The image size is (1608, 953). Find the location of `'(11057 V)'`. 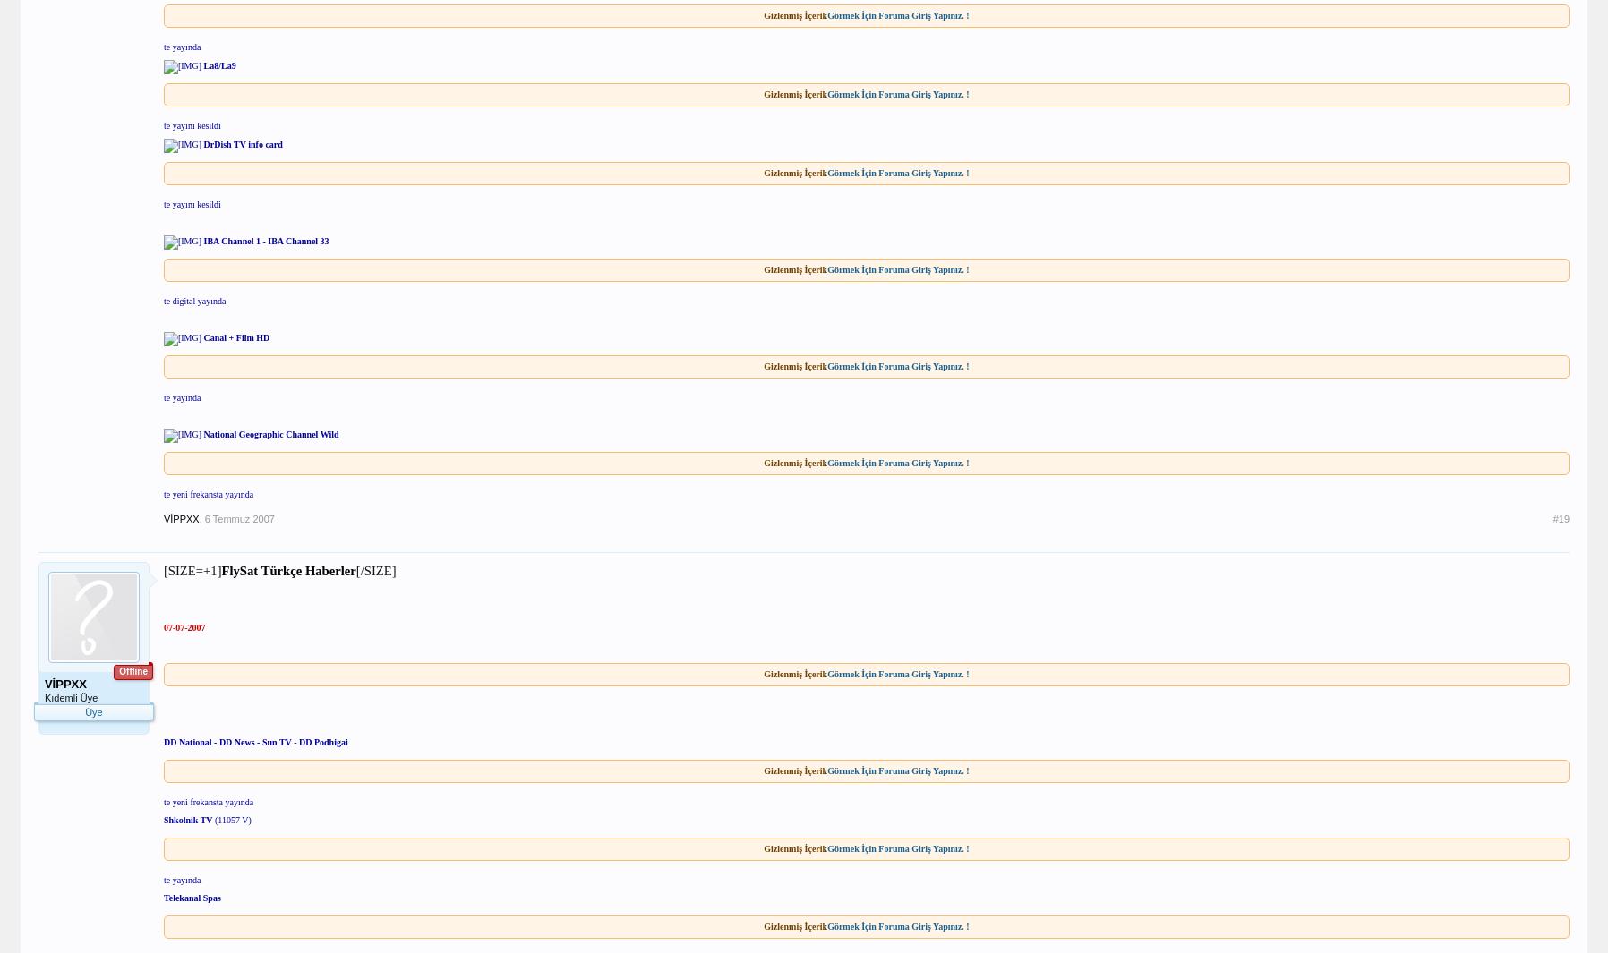

'(11057 V)' is located at coordinates (212, 820).